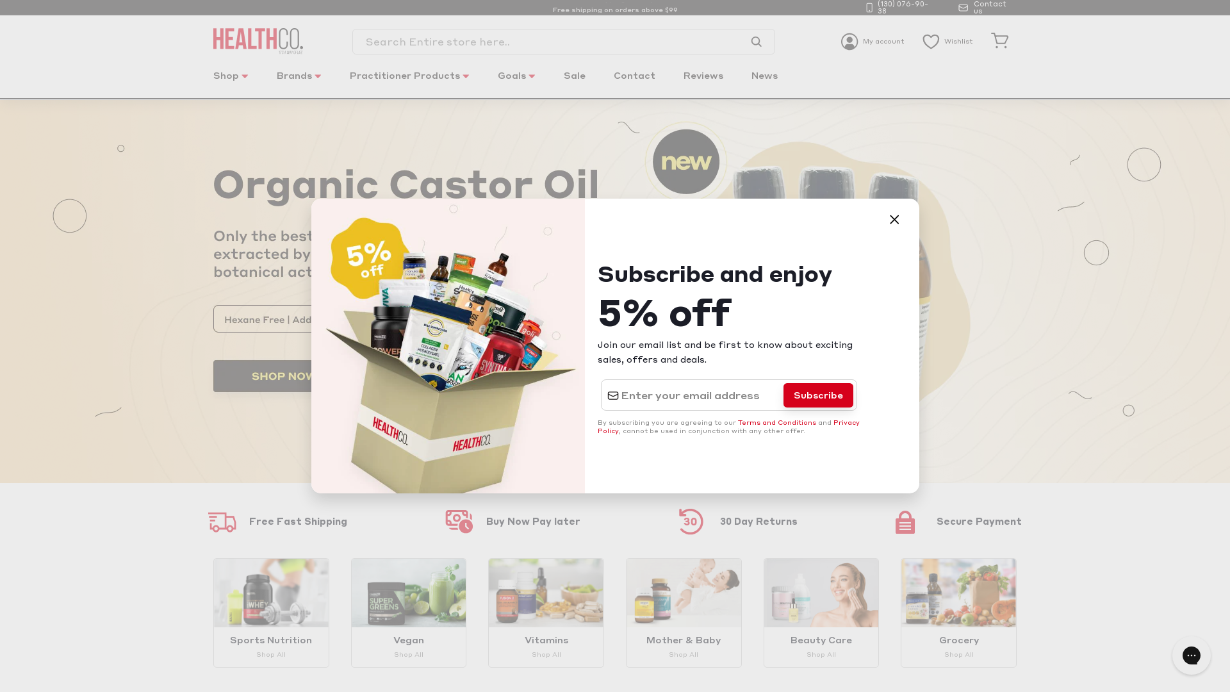 This screenshot has height=692, width=1230. I want to click on 'Practitioner Products', so click(409, 83).